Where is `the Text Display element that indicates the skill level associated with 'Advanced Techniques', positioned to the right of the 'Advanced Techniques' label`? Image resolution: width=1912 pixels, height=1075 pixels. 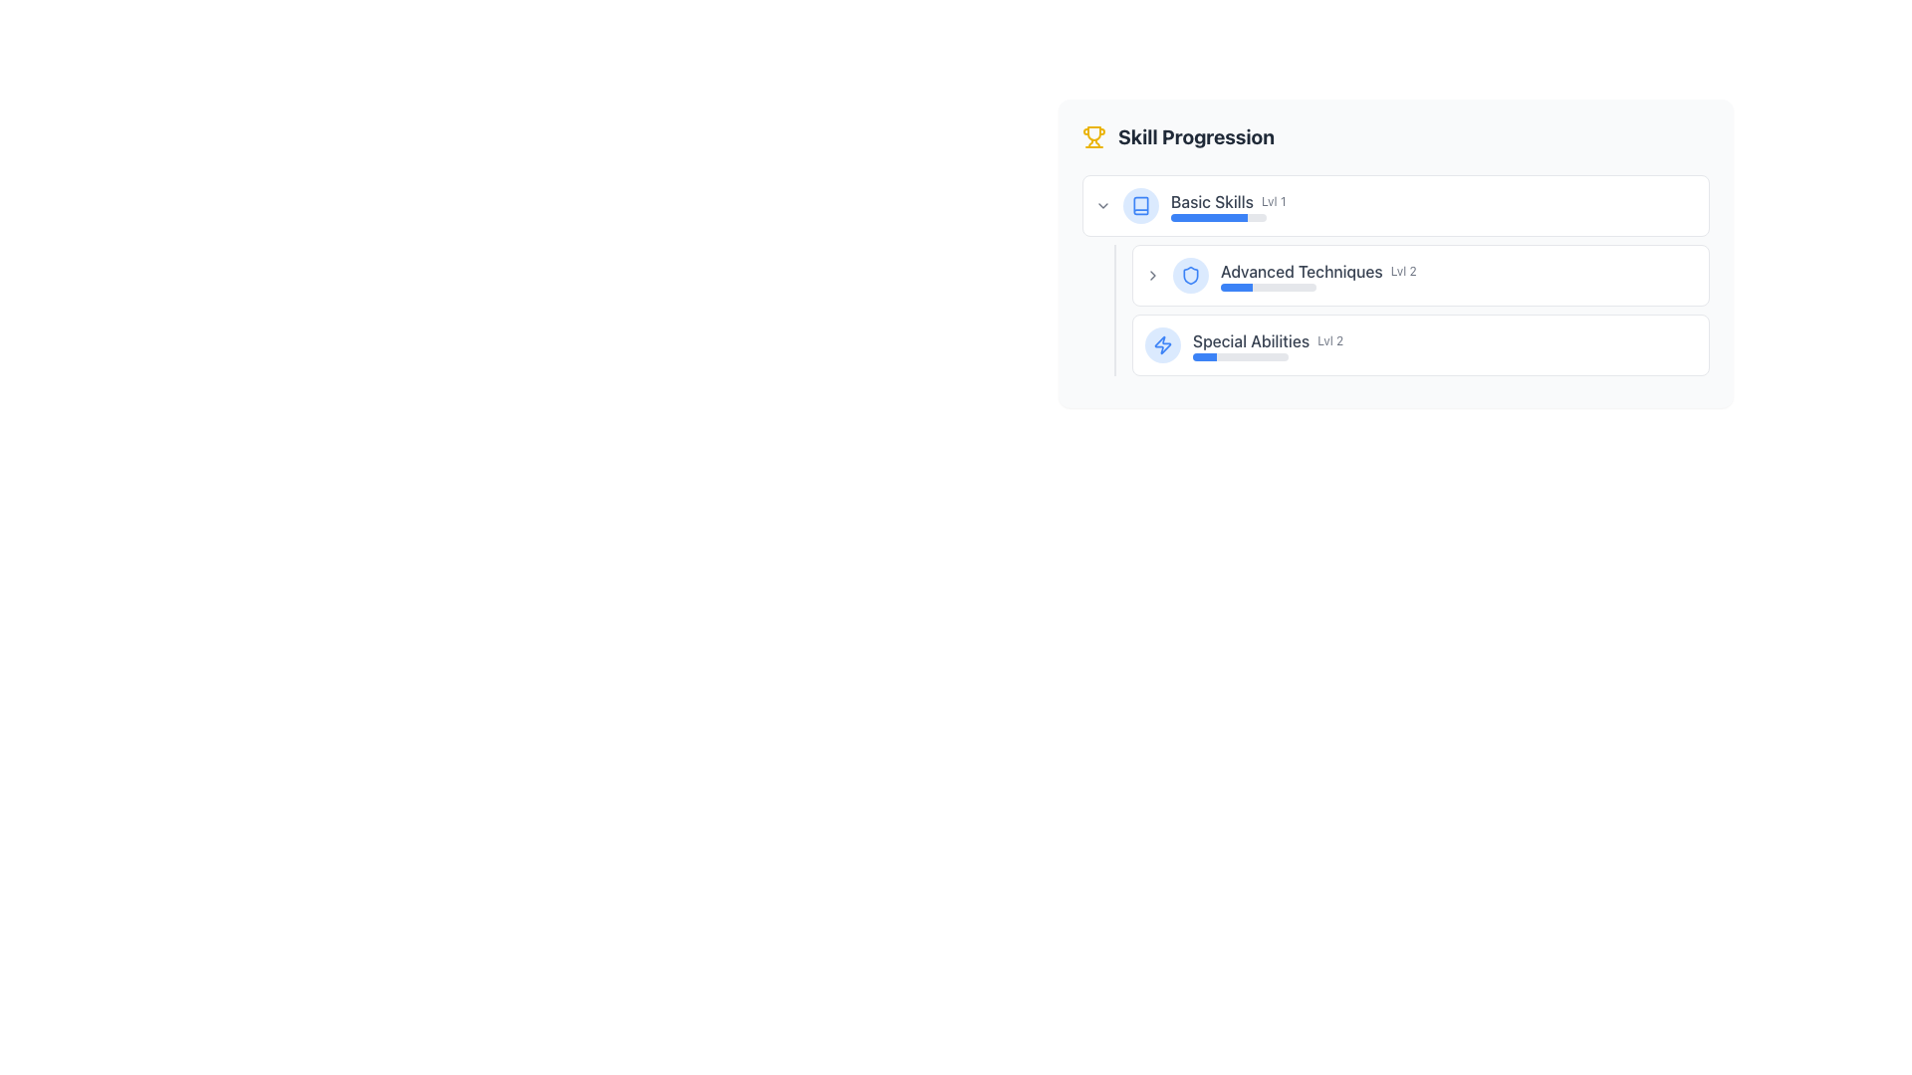 the Text Display element that indicates the skill level associated with 'Advanced Techniques', positioned to the right of the 'Advanced Techniques' label is located at coordinates (1402, 272).